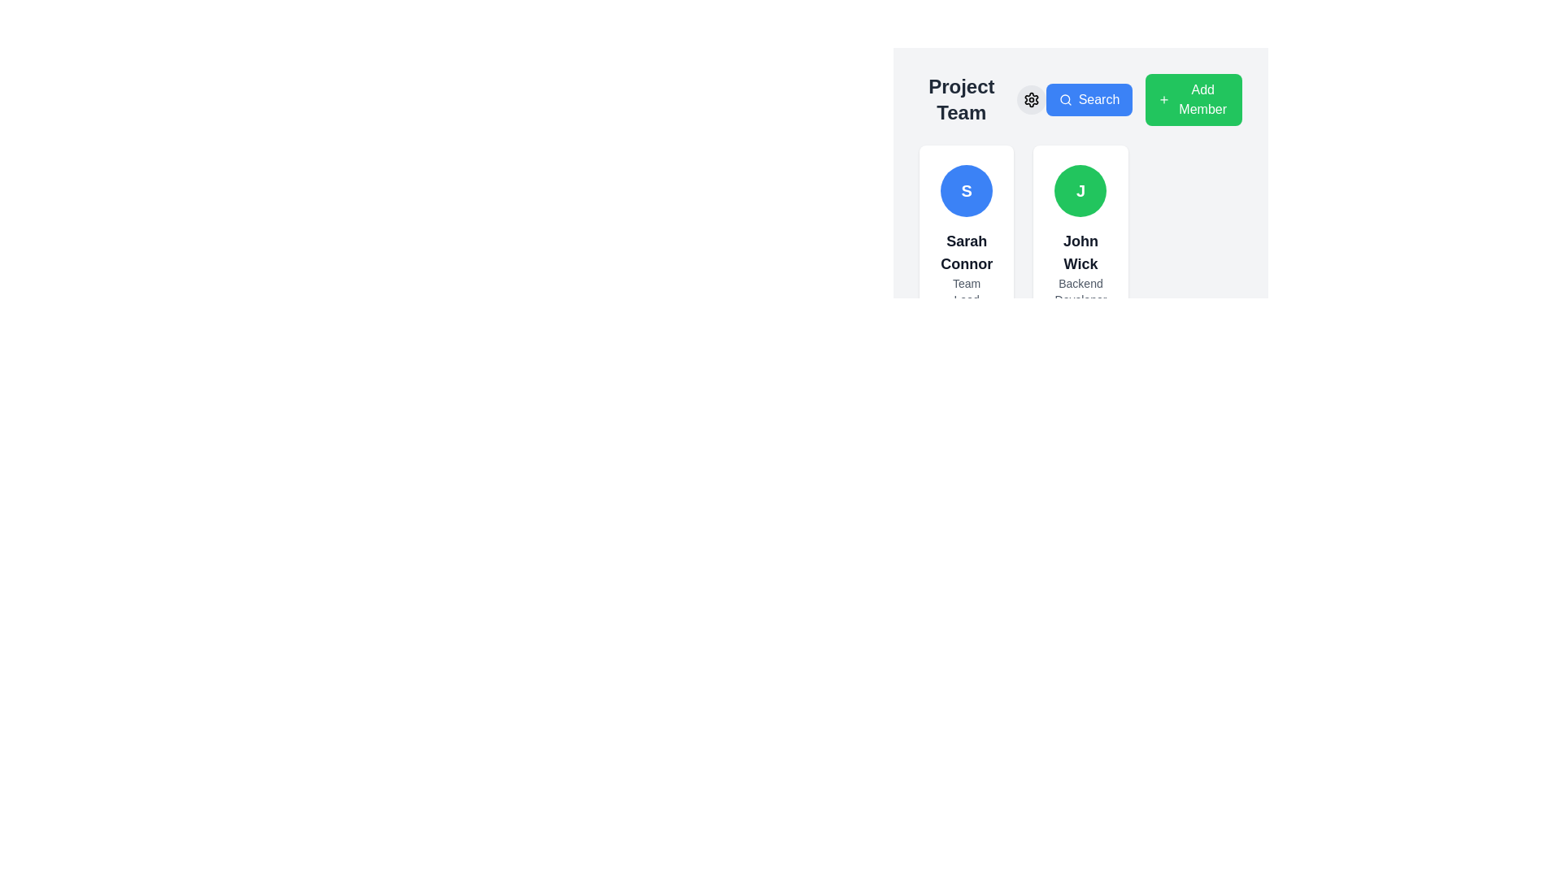 The image size is (1561, 878). I want to click on the add member icon located on the left side of the green 'Add Member' button in the top-right corner of the interface, so click(1163, 100).